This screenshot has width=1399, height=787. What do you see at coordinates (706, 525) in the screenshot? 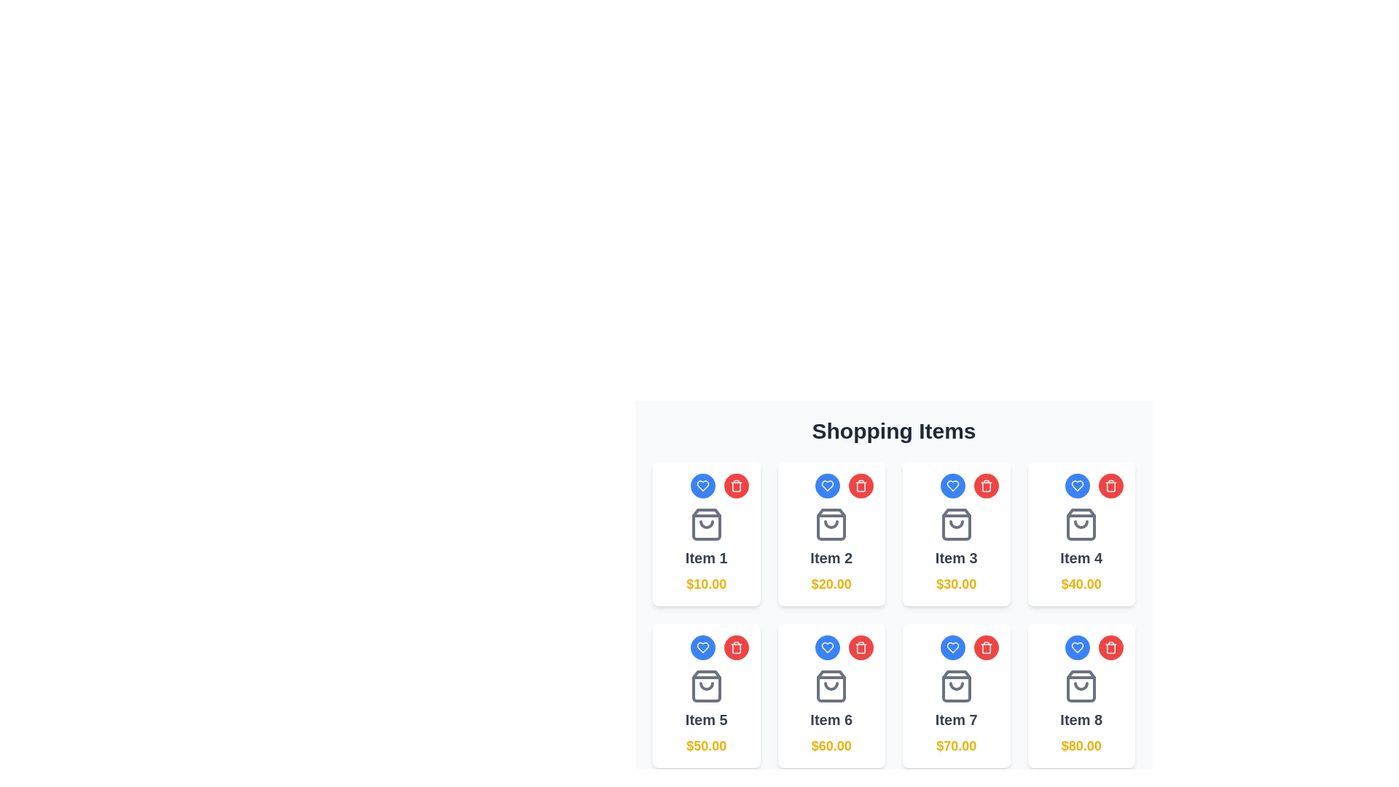
I see `the shopping bag icon located centrally within the card for 'Item 1', positioned in the top-left corner of the grid layout` at bounding box center [706, 525].